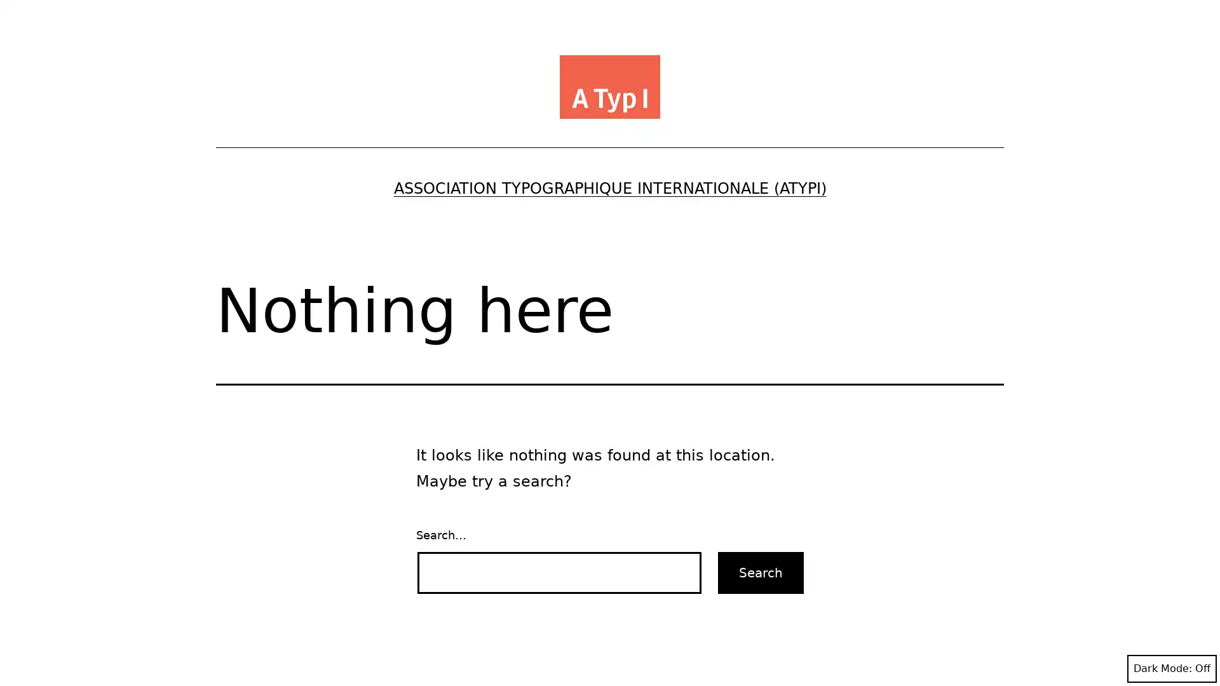  Describe the element at coordinates (1171, 668) in the screenshot. I see `Dark Mode:` at that location.